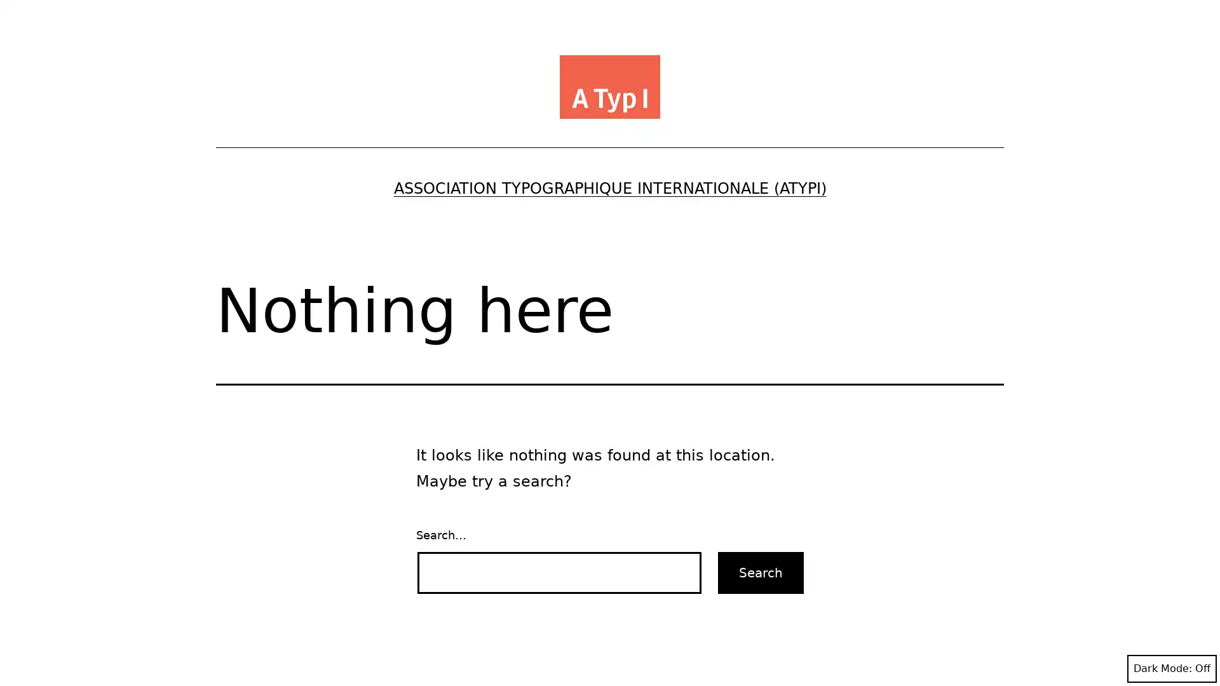  Describe the element at coordinates (1171, 668) in the screenshot. I see `Dark Mode:` at that location.